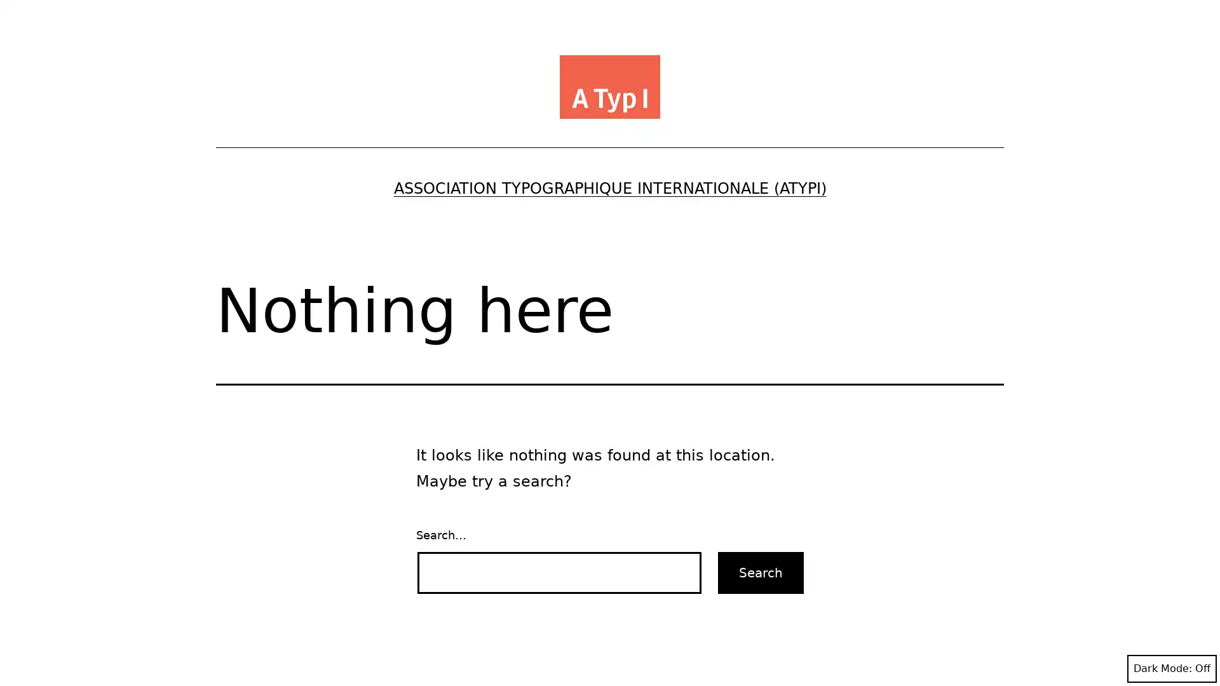  Describe the element at coordinates (1171, 668) in the screenshot. I see `Dark Mode:` at that location.